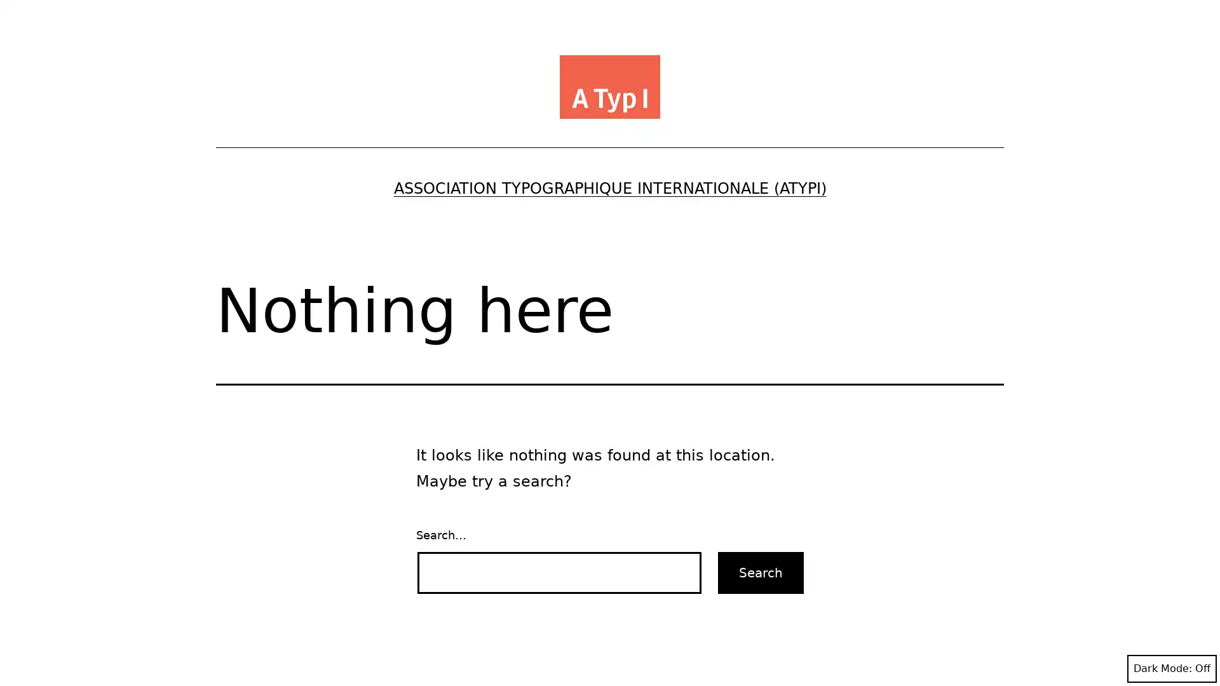  Describe the element at coordinates (1171, 668) in the screenshot. I see `Dark Mode:` at that location.